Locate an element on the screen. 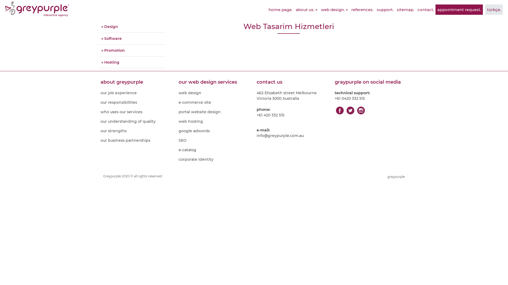 The width and height of the screenshot is (508, 285). 'portal website design' is located at coordinates (215, 112).